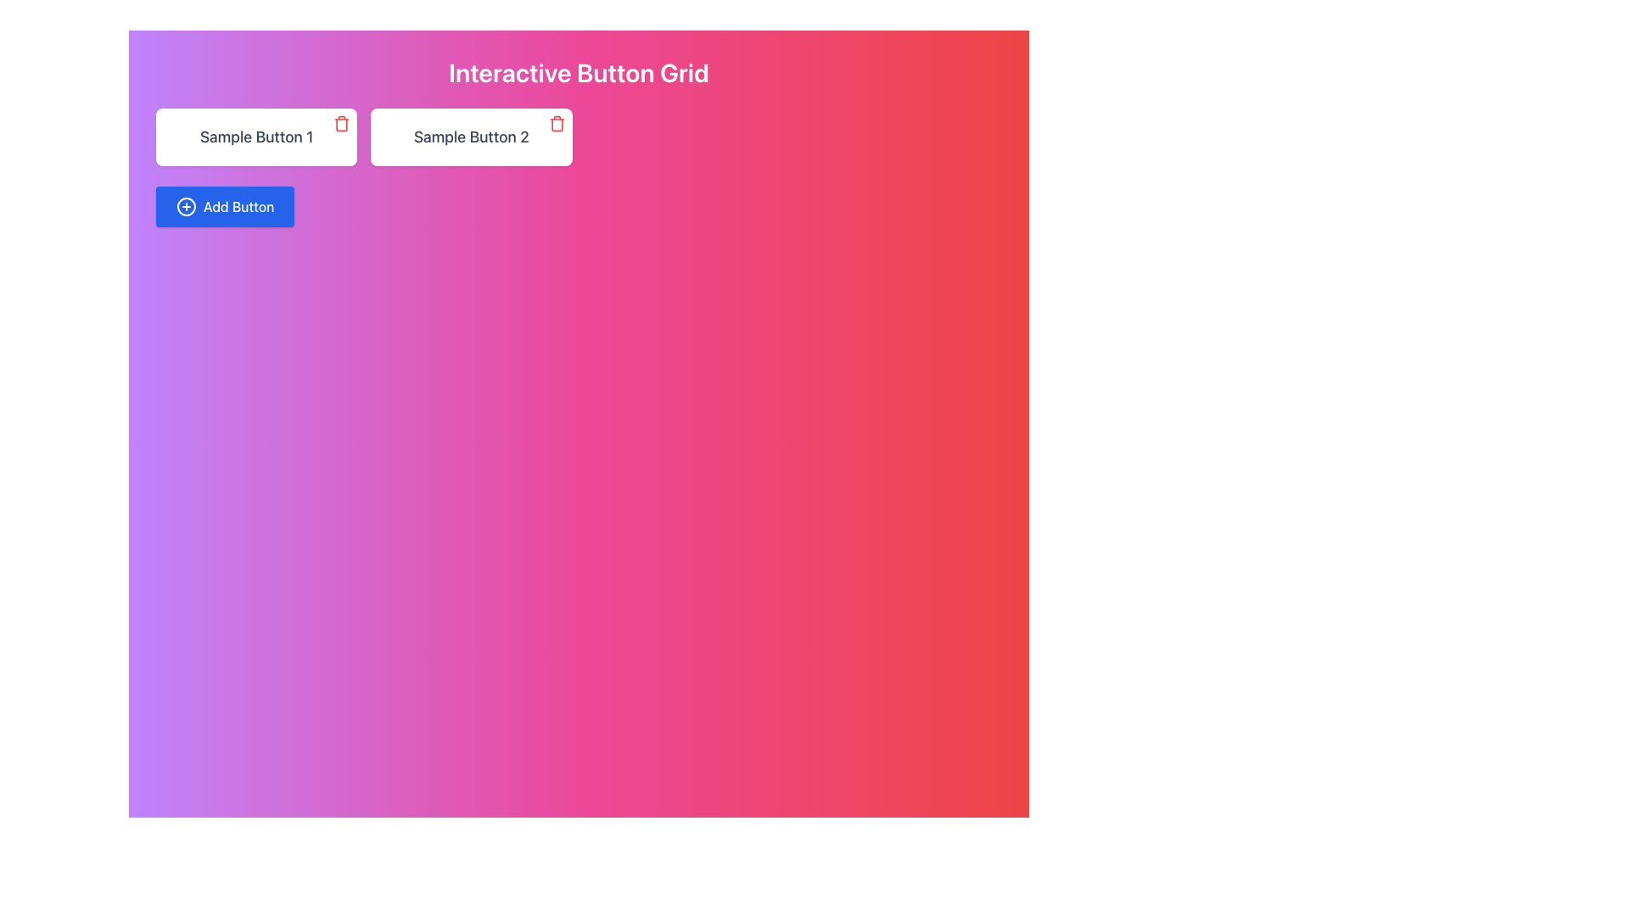 The image size is (1629, 916). I want to click on the 'Sample Button 2' which is a rectangular button with a white background and a trash icon in the top right corner, located in the upper row of the grid layout, so click(471, 137).